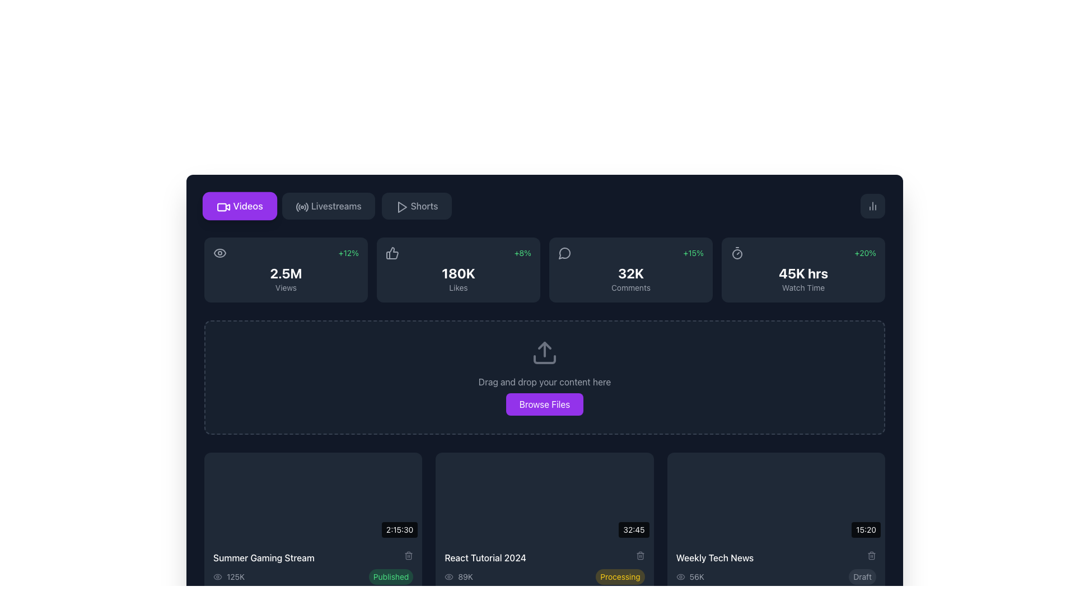 The width and height of the screenshot is (1075, 605). Describe the element at coordinates (239, 206) in the screenshot. I see `the navigation button for video-related content using keyboard navigation (e.g., Enter key). This button is the first in a row of three, located at the upper-left section of the interface` at that location.